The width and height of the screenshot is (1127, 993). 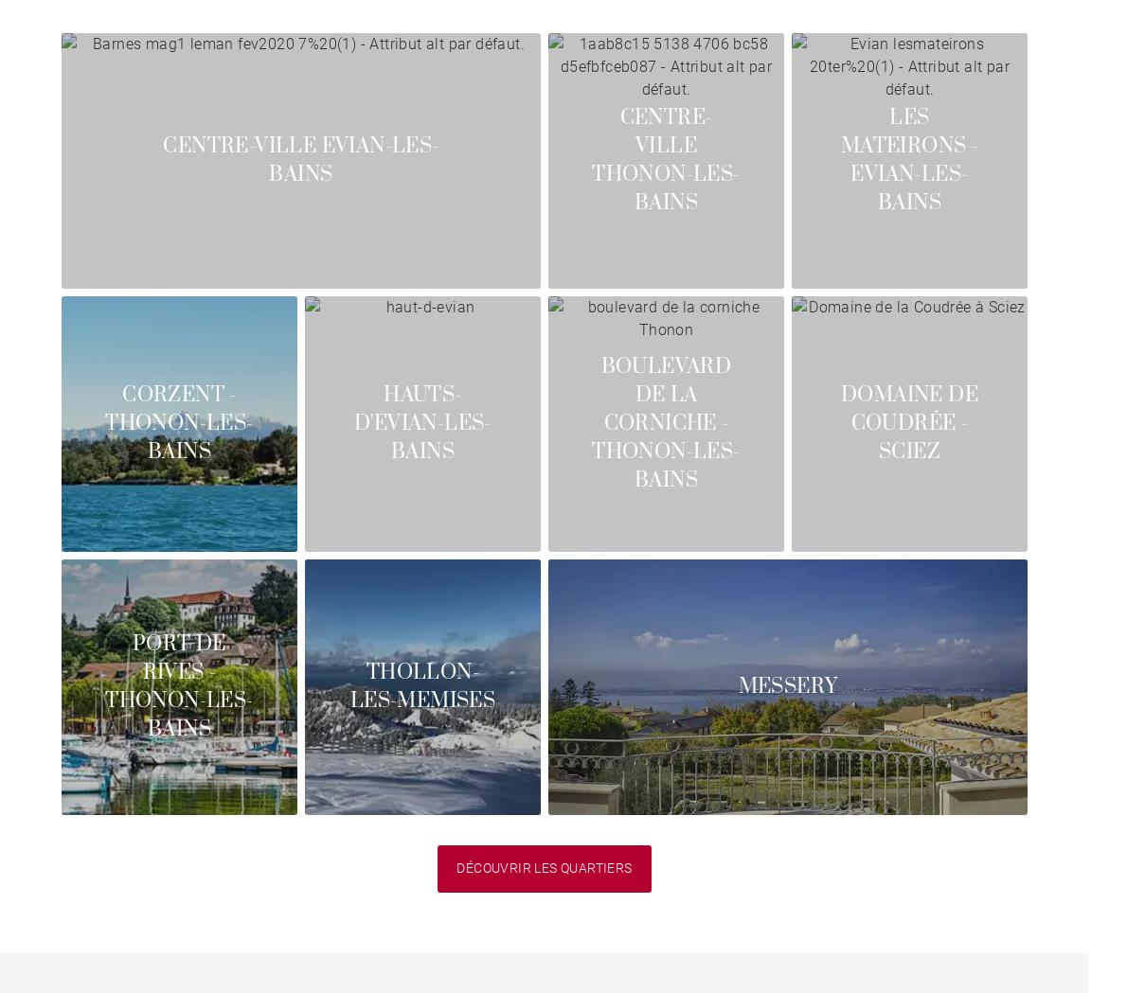 I want to click on 'DÉCOUVRIR LES QUARTIERS', so click(x=456, y=867).